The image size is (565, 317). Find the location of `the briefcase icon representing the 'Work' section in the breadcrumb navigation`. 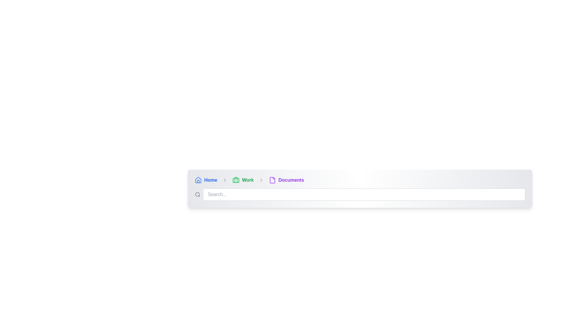

the briefcase icon representing the 'Work' section in the breadcrumb navigation is located at coordinates (236, 180).